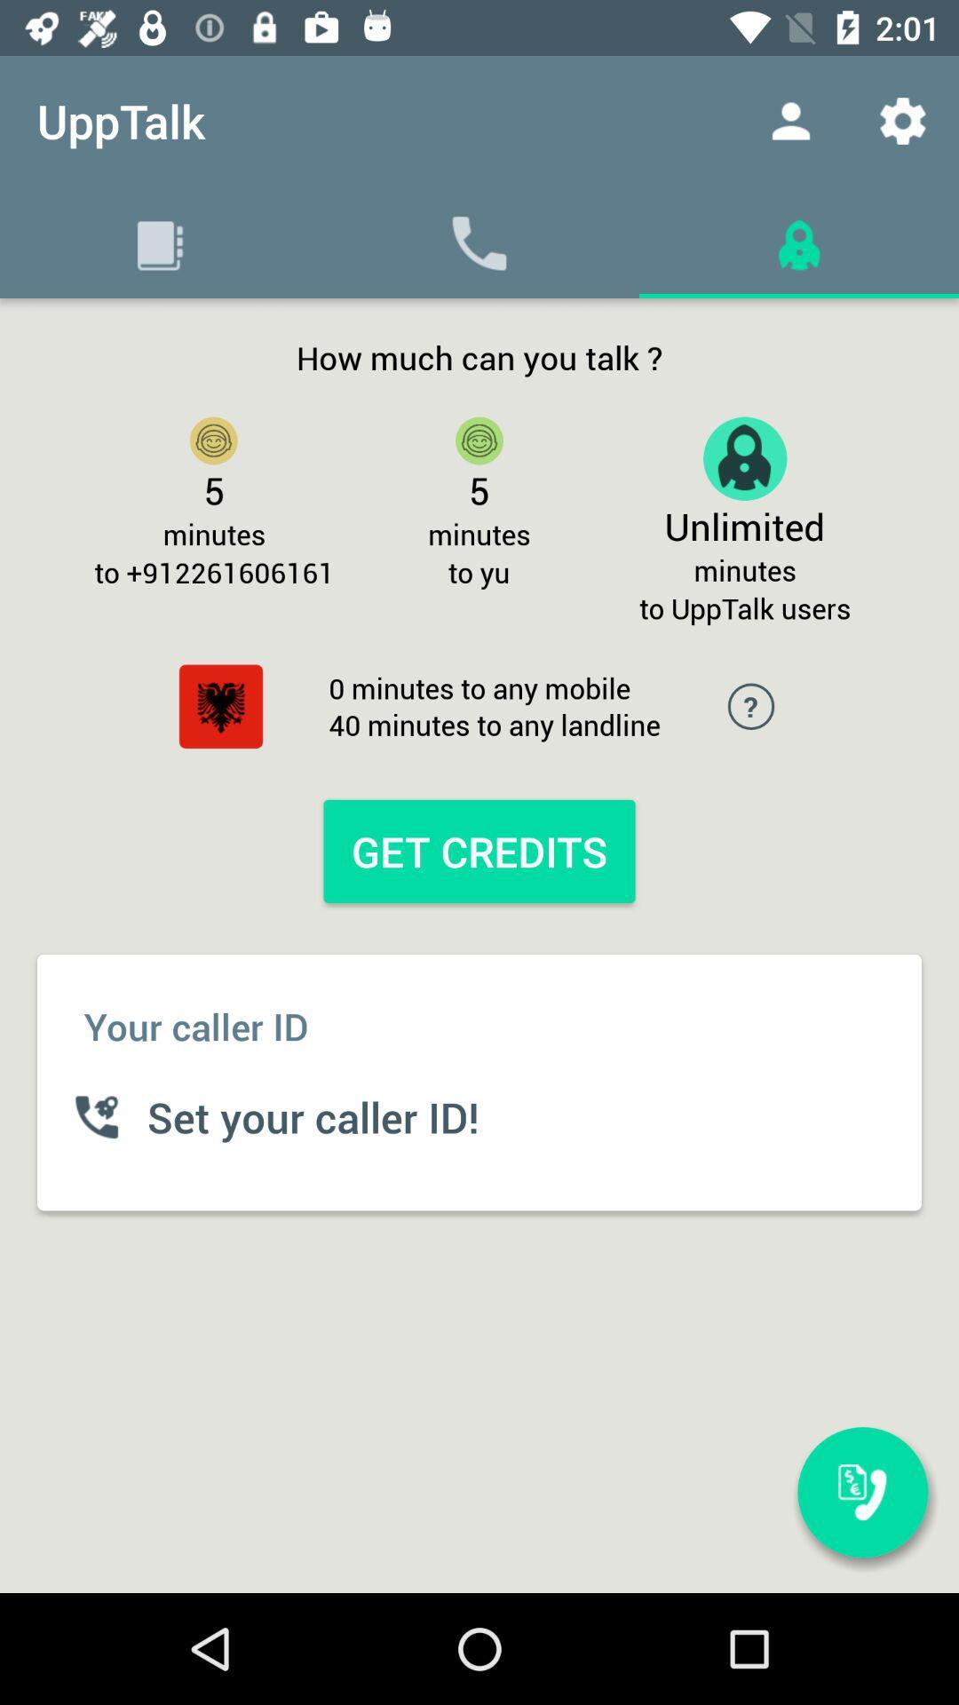 The width and height of the screenshot is (959, 1705). I want to click on get credits icon, so click(479, 850).